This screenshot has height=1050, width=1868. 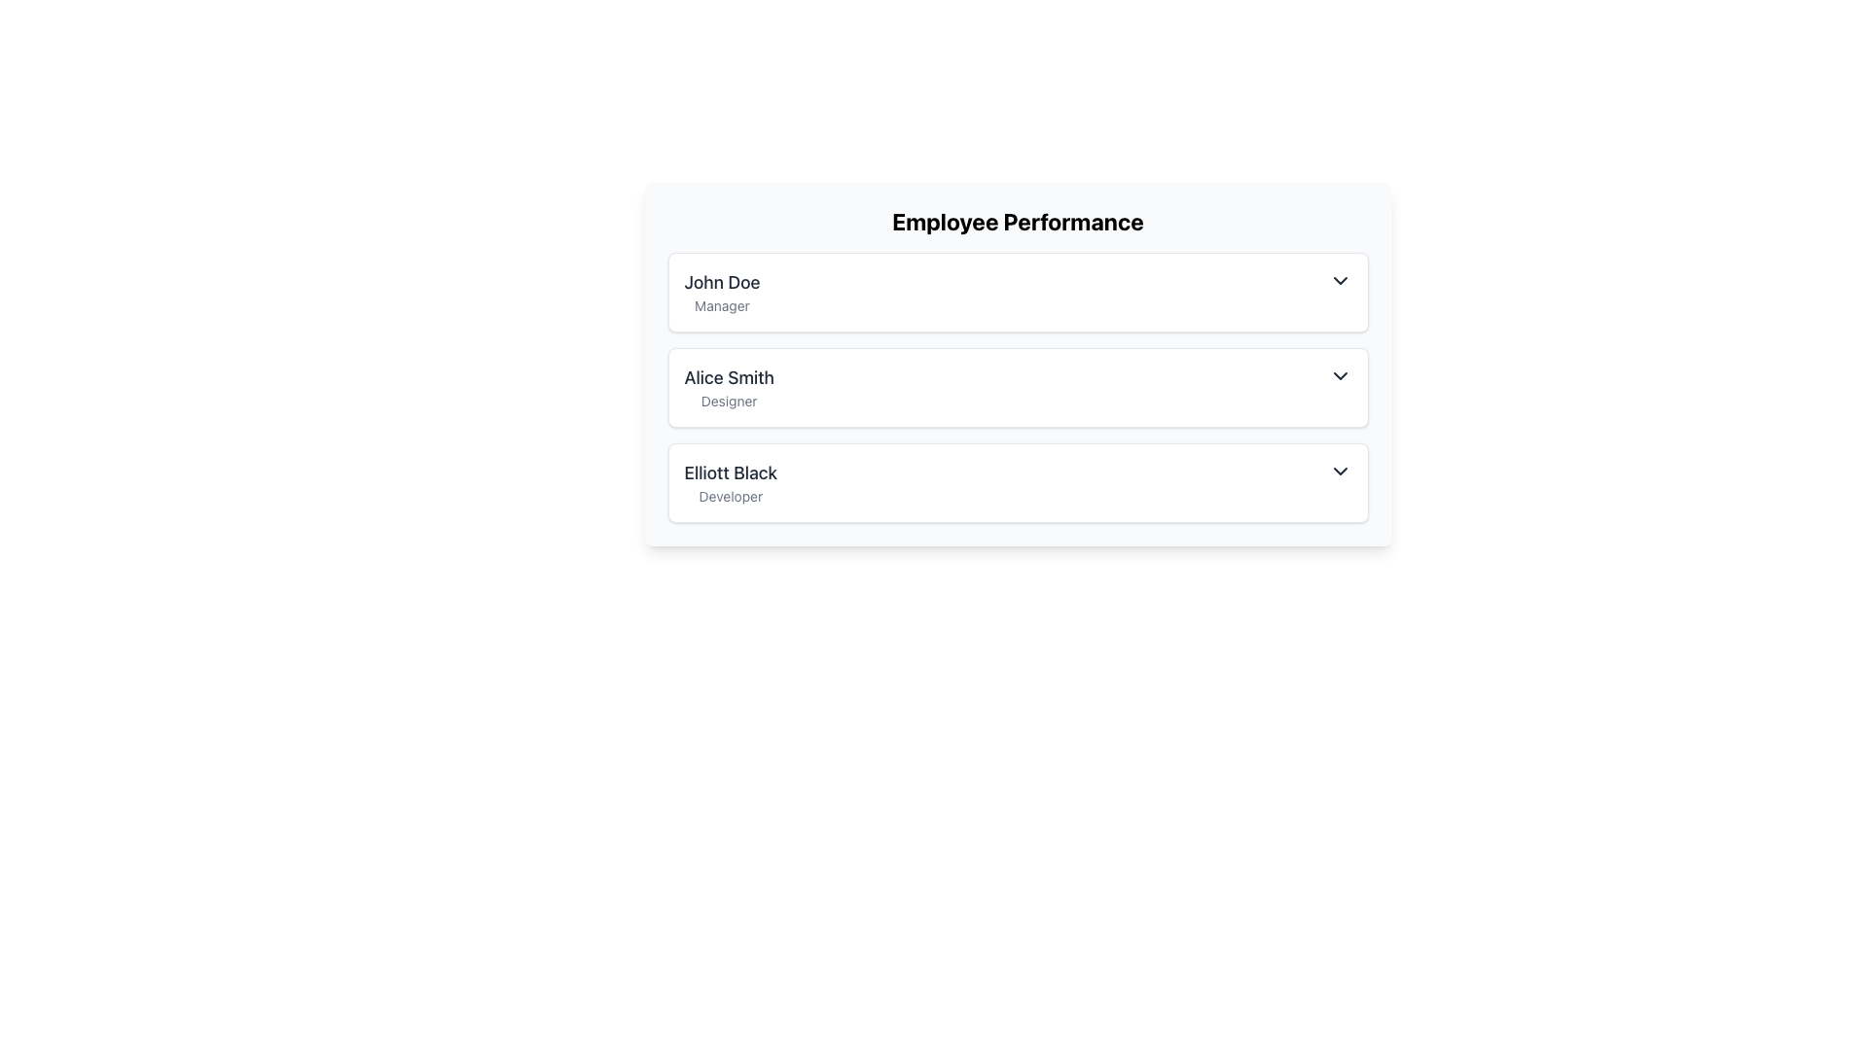 I want to click on the static text label reading 'Developer', which is styled in light gray and positioned below the bold label 'Elliott Black' within the employee performance card, so click(x=730, y=495).